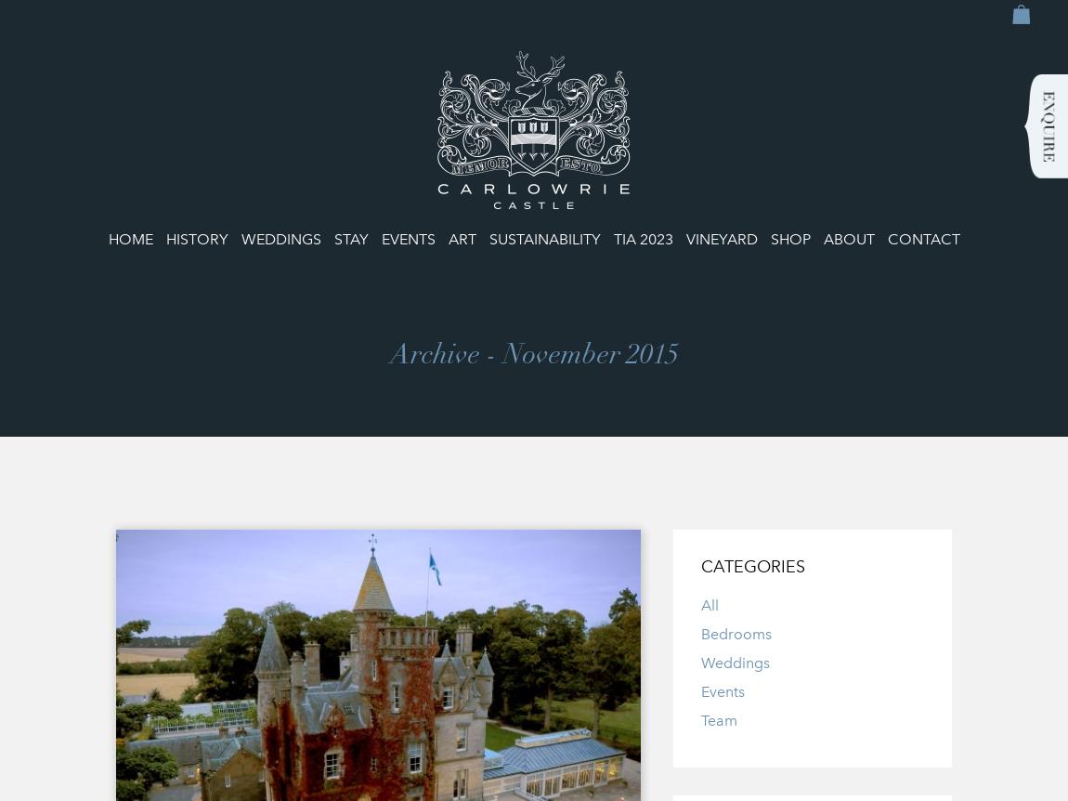  Describe the element at coordinates (128, 238) in the screenshot. I see `'Home'` at that location.